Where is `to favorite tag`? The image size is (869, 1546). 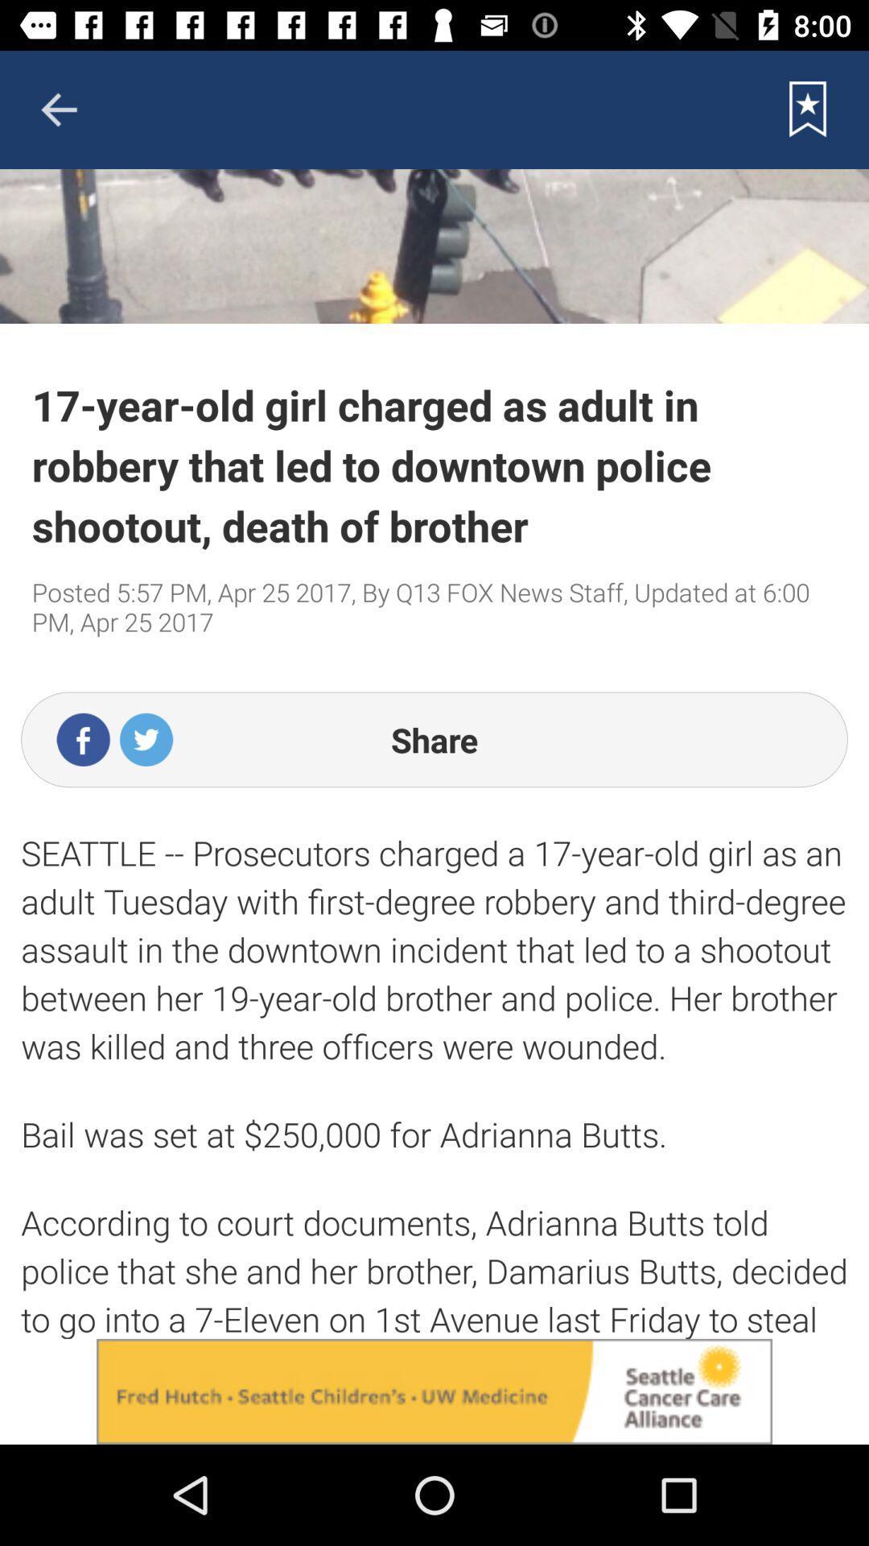 to favorite tag is located at coordinates (808, 109).